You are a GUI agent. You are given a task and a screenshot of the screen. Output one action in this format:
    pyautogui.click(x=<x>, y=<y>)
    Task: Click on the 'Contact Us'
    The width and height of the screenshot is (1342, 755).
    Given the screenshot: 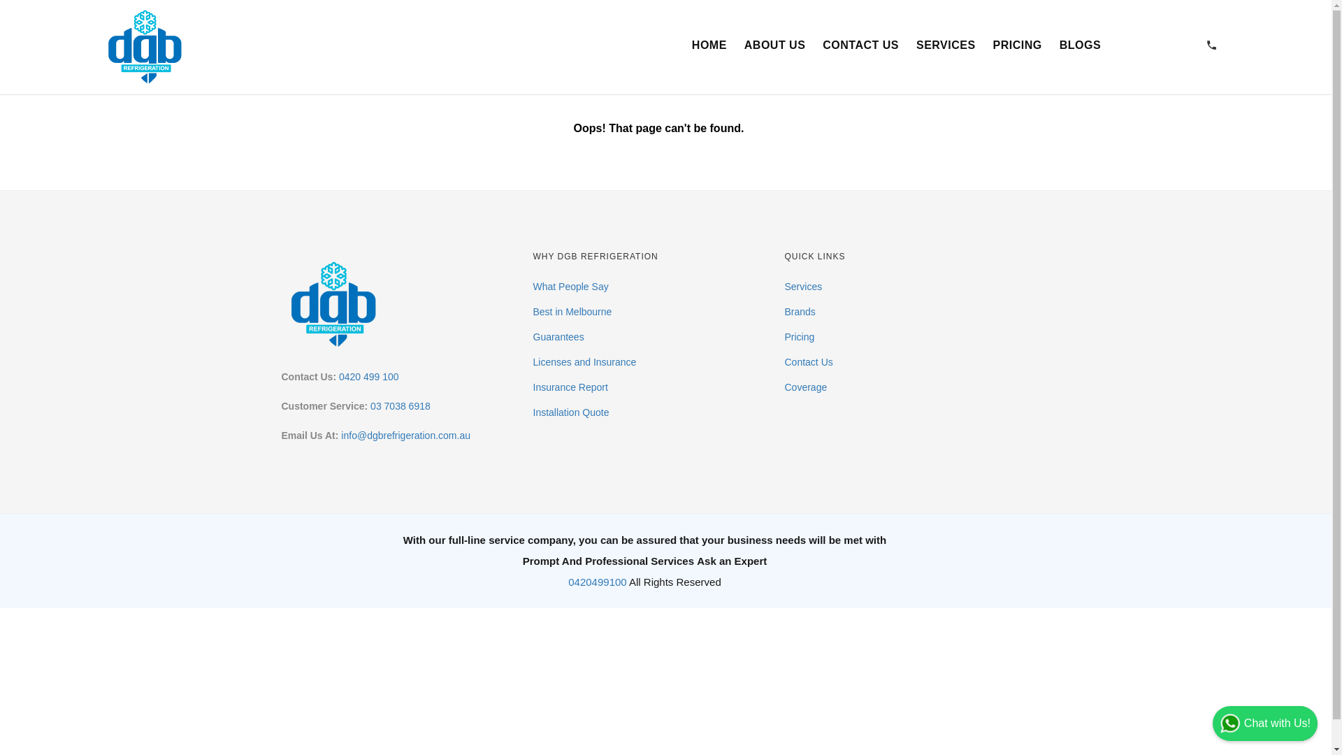 What is the action you would take?
    pyautogui.click(x=808, y=361)
    